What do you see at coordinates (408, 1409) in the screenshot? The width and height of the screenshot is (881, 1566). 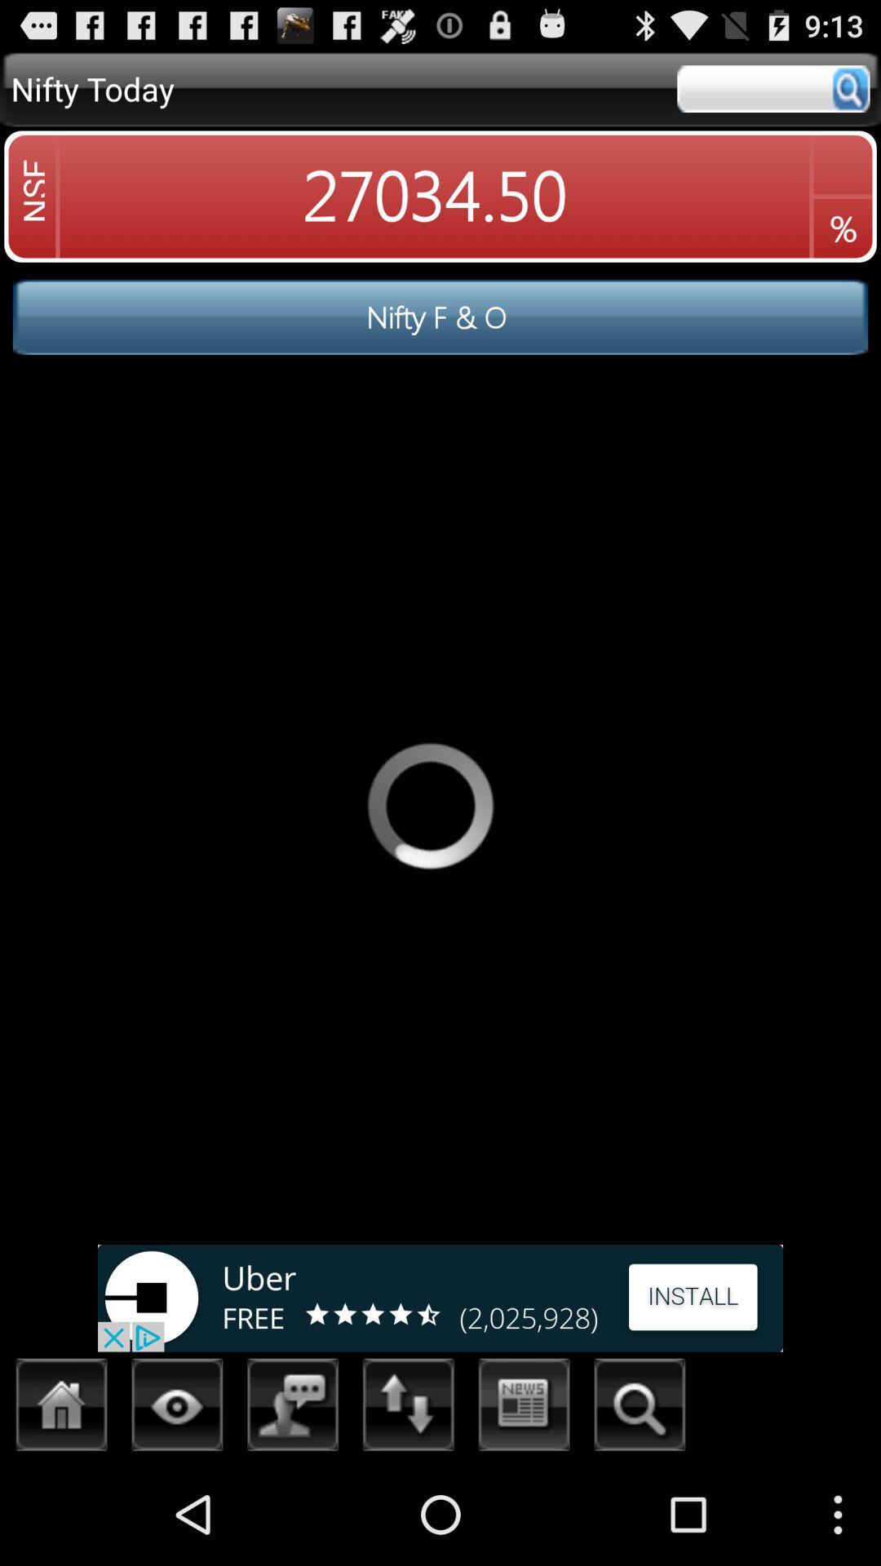 I see `cloud upload download option` at bounding box center [408, 1409].